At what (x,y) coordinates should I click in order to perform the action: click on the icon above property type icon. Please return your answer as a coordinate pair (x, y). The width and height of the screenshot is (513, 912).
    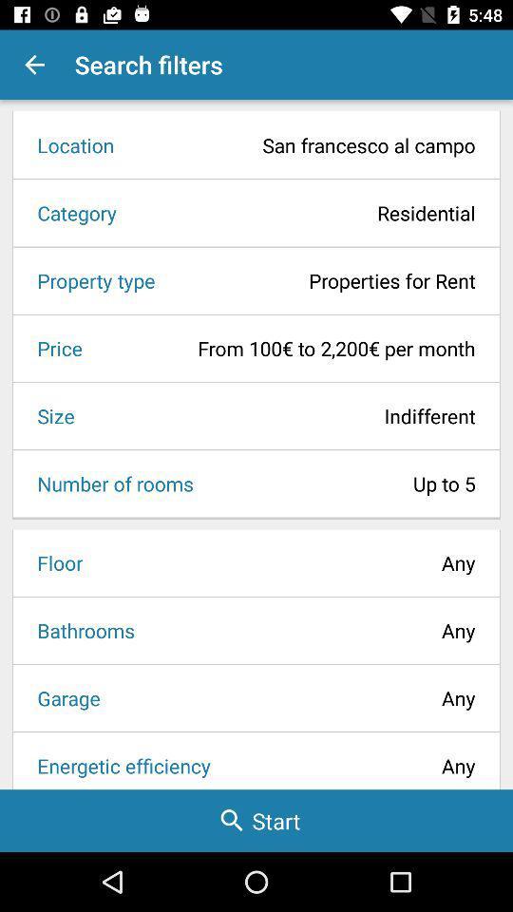
    Looking at the image, I should click on (302, 213).